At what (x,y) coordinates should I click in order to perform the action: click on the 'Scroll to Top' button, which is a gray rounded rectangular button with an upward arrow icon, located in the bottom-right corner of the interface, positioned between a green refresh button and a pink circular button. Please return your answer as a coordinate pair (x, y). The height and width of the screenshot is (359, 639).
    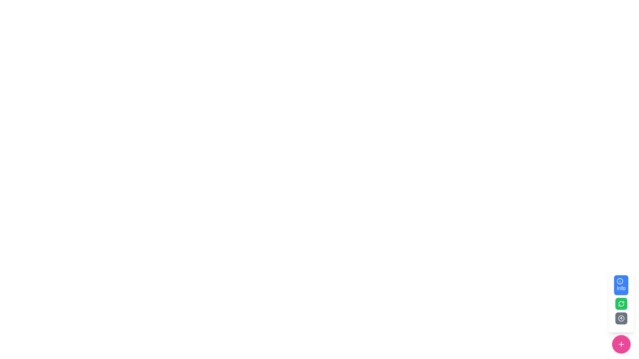
    Looking at the image, I should click on (621, 311).